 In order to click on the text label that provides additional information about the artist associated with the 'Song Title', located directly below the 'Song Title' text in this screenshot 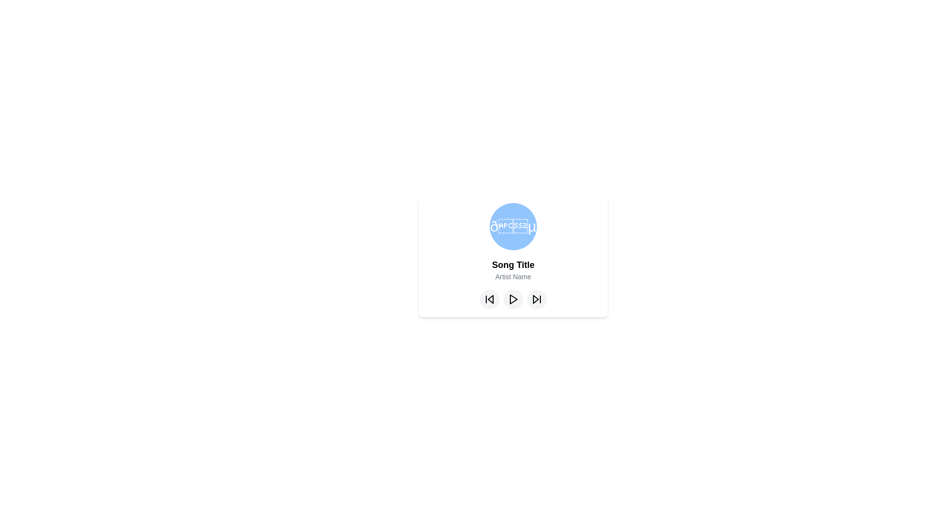, I will do `click(512, 277)`.